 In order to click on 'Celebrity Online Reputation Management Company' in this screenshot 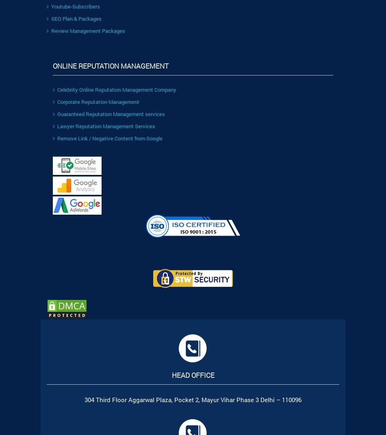, I will do `click(116, 89)`.